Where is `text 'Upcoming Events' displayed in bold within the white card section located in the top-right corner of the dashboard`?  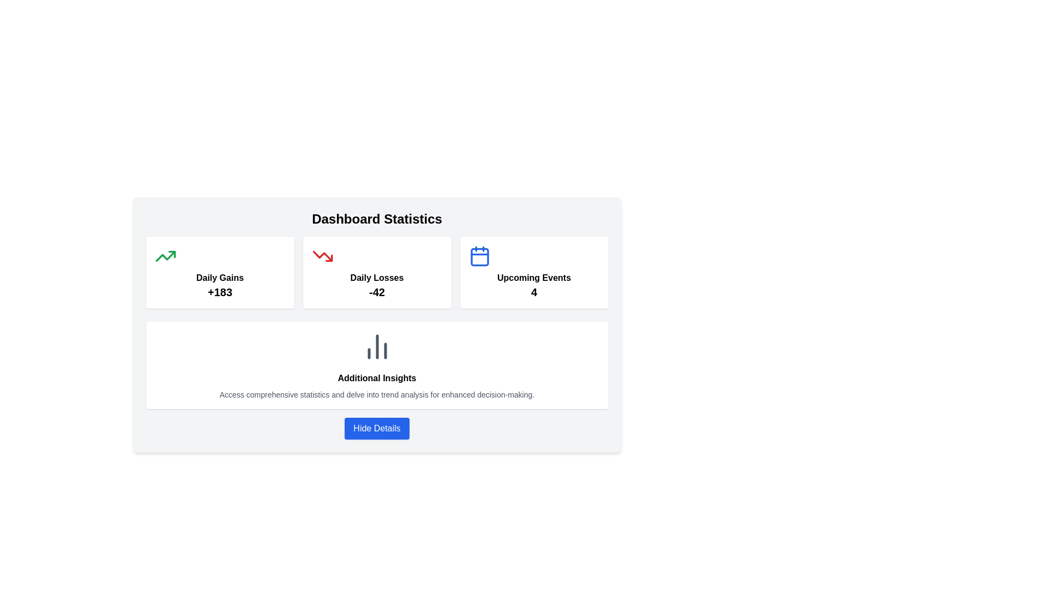 text 'Upcoming Events' displayed in bold within the white card section located in the top-right corner of the dashboard is located at coordinates (534, 277).